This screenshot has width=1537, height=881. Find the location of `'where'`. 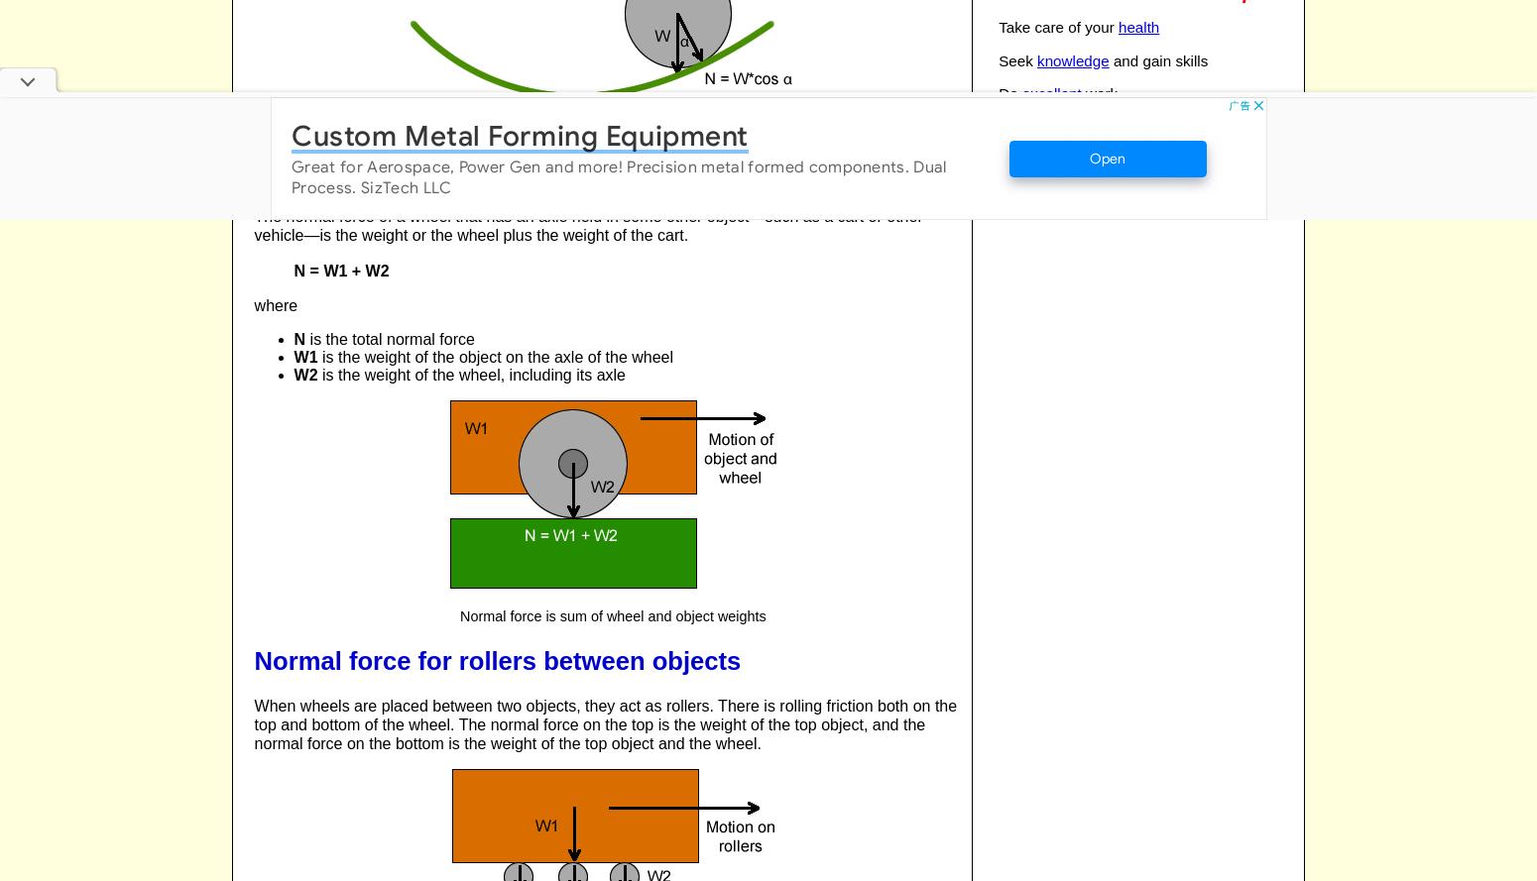

'where' is located at coordinates (276, 304).